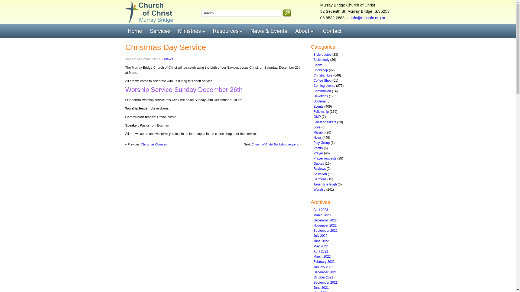  What do you see at coordinates (313, 282) in the screenshot?
I see `'September 2021'` at bounding box center [313, 282].